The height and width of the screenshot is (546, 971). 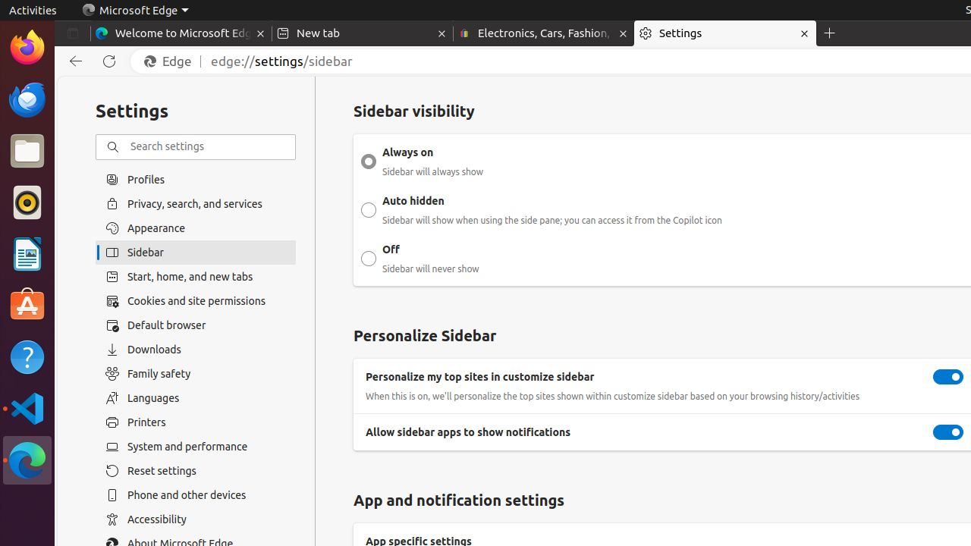 I want to click on 'Files', so click(x=27, y=151).